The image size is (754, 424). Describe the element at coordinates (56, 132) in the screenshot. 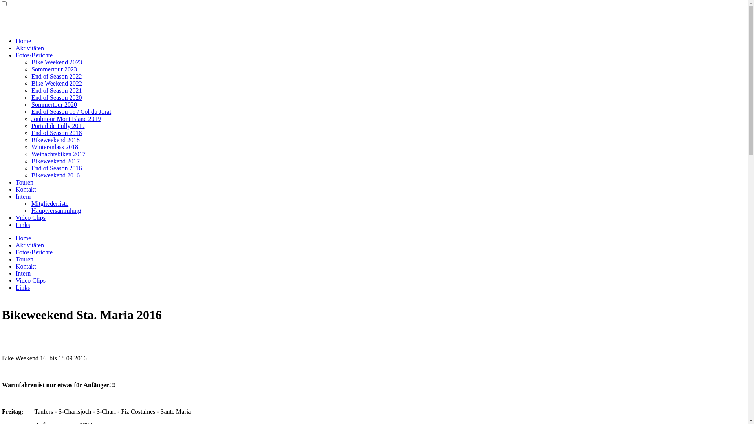

I see `'End of Season 2018'` at that location.